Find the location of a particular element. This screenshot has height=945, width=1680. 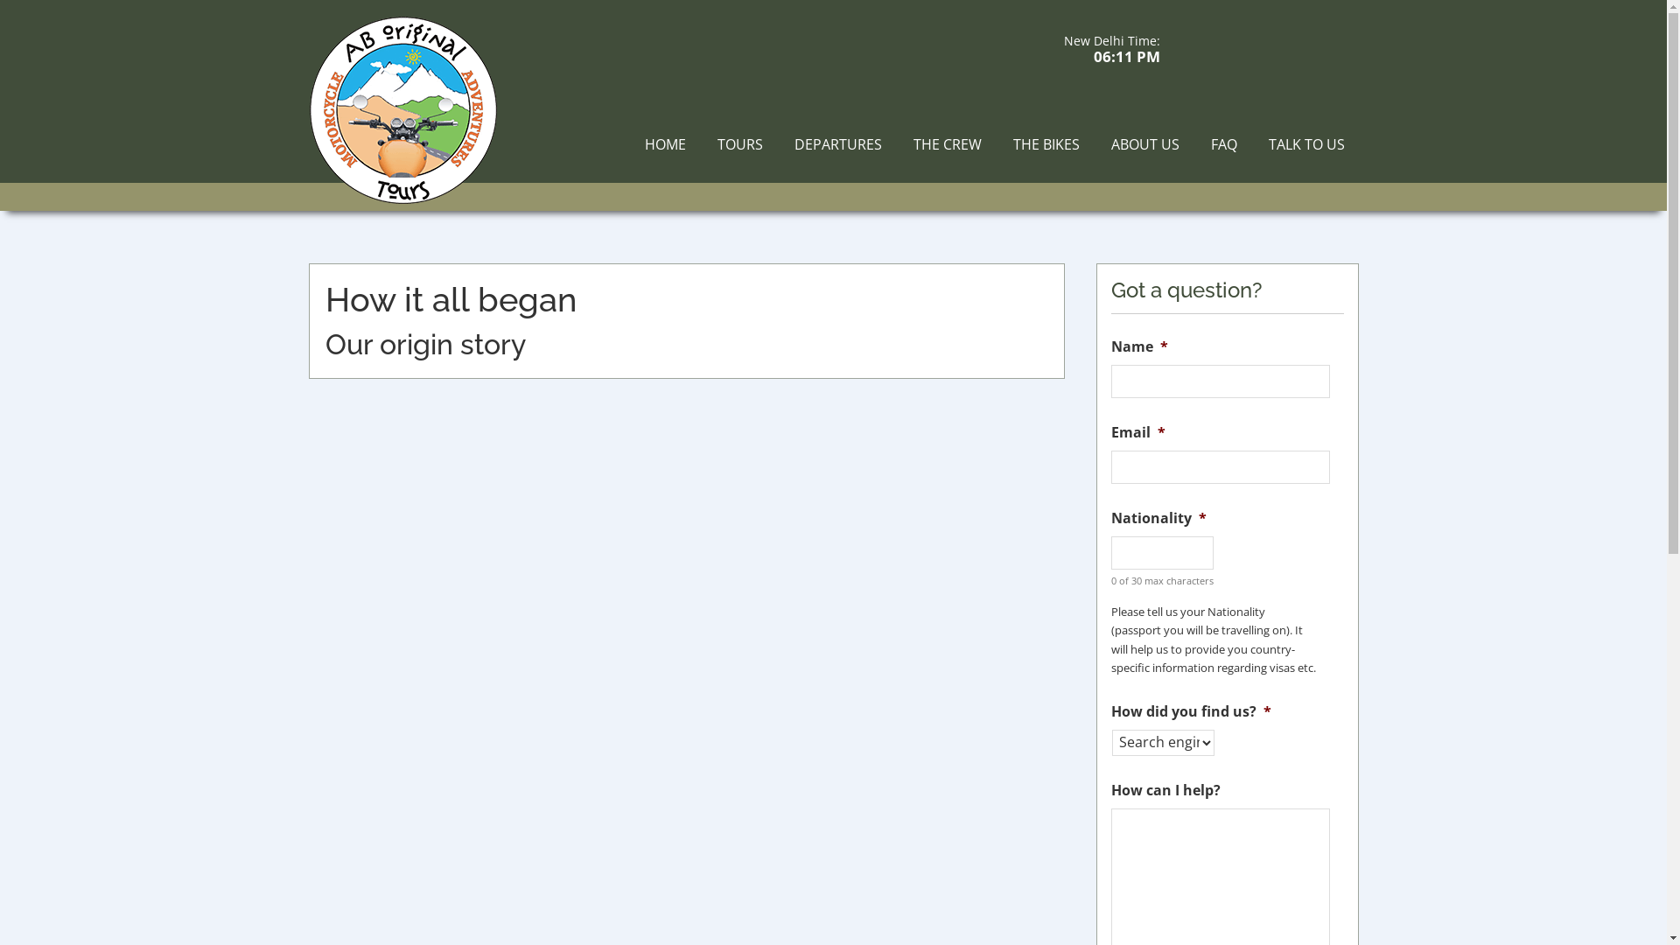

'DEPARTURES' is located at coordinates (837, 143).